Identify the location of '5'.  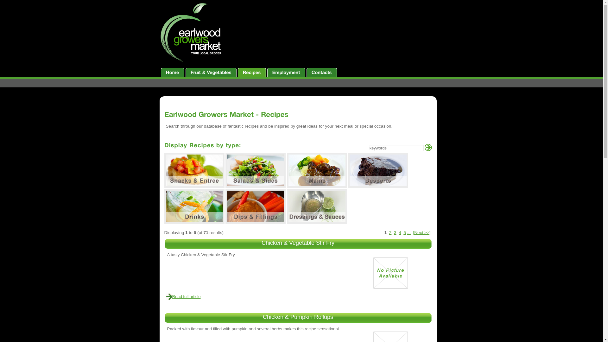
(404, 232).